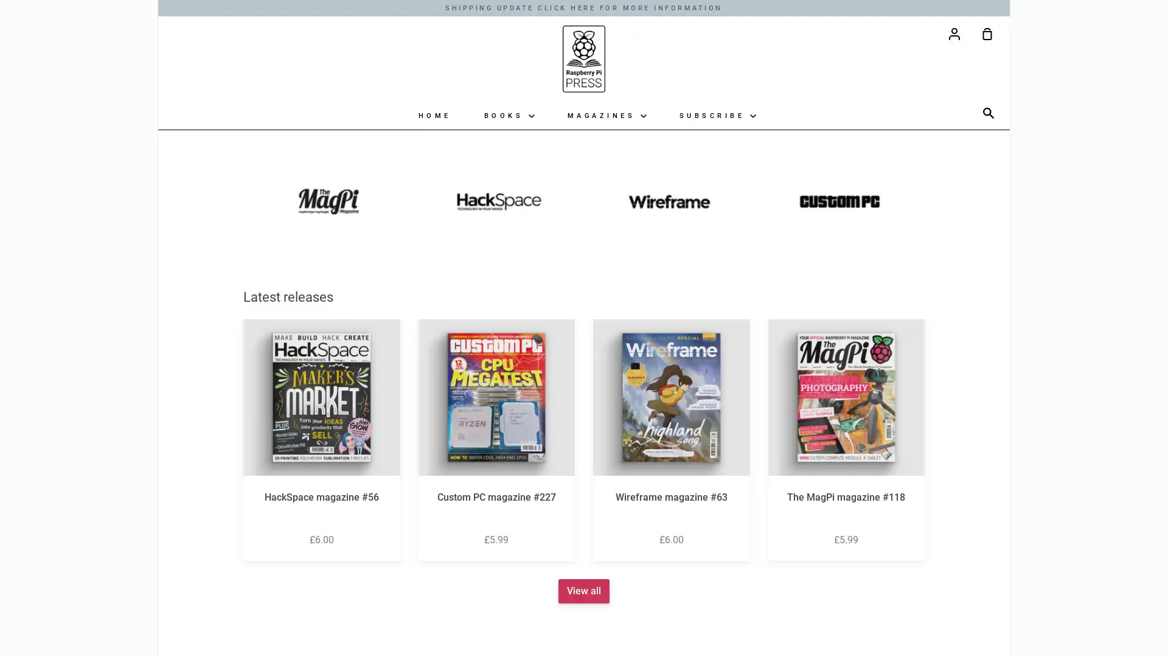 This screenshot has height=657, width=1168. I want to click on Next, so click(948, 435).